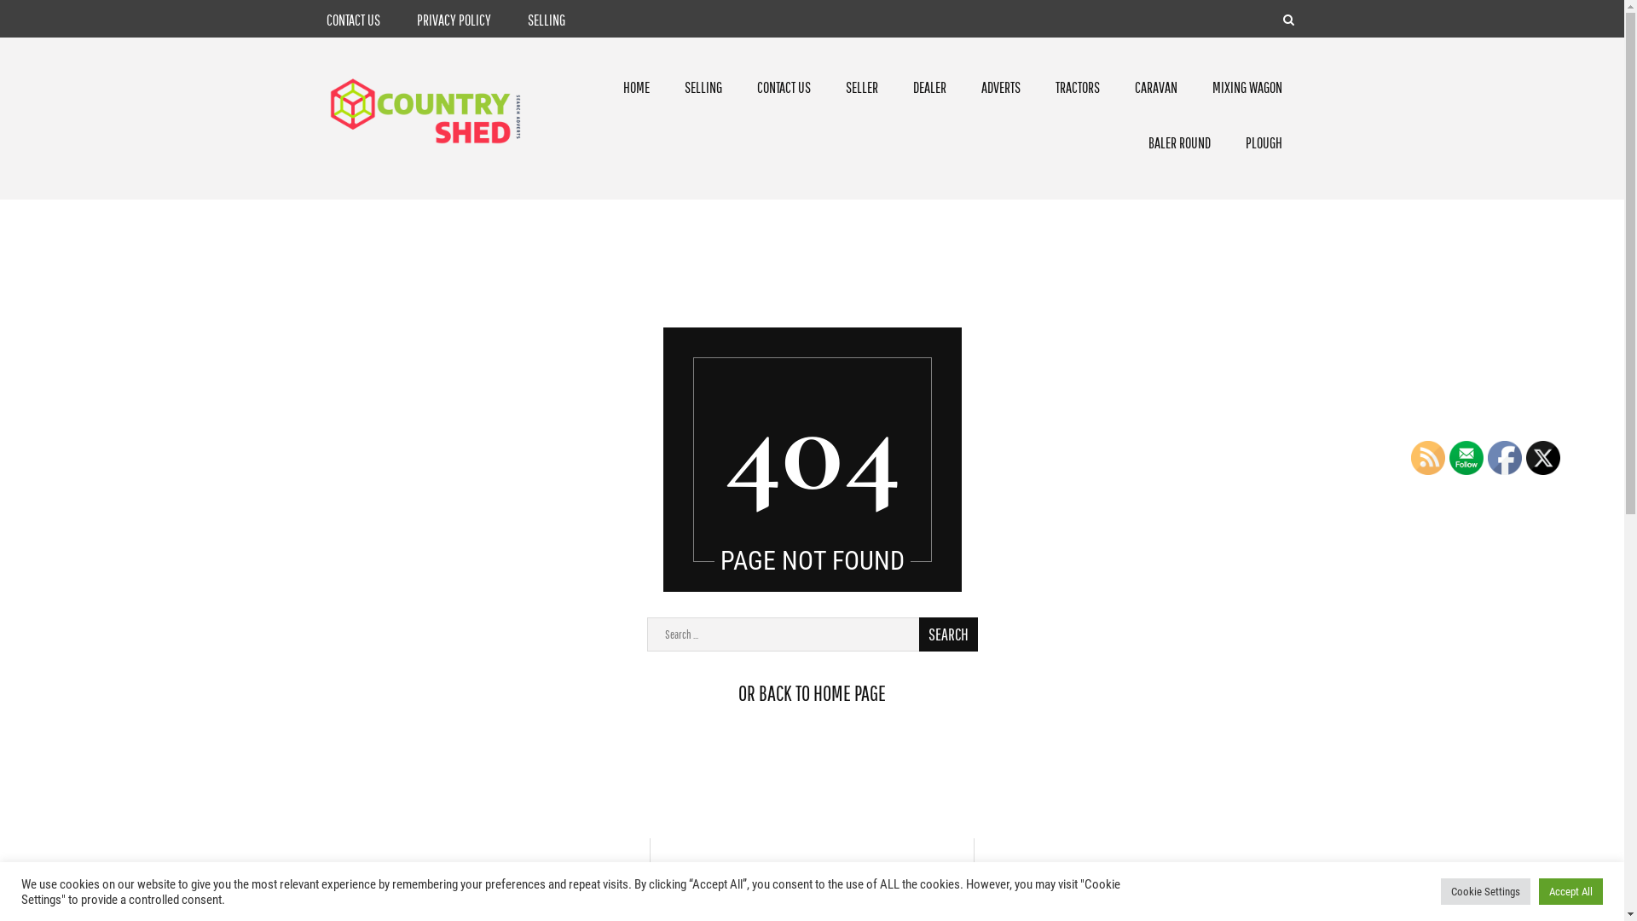 This screenshot has height=921, width=1637. What do you see at coordinates (1465, 456) in the screenshot?
I see `'Follow by Email'` at bounding box center [1465, 456].